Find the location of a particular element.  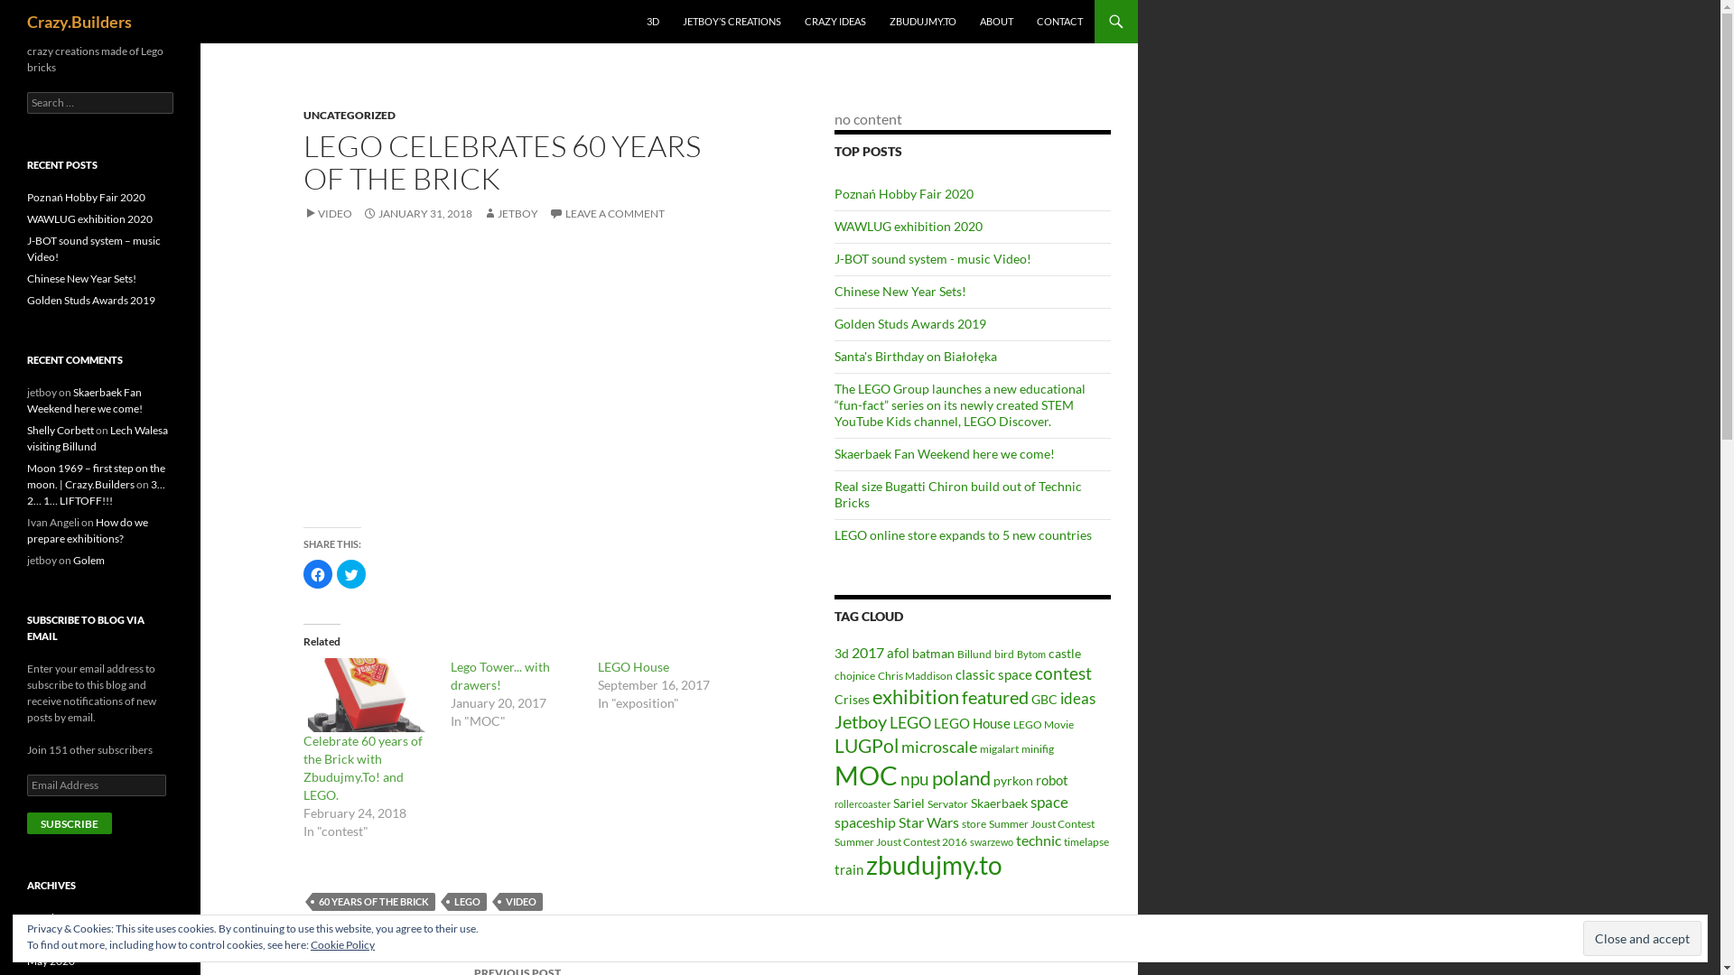

'LEGO House' is located at coordinates (633, 666).